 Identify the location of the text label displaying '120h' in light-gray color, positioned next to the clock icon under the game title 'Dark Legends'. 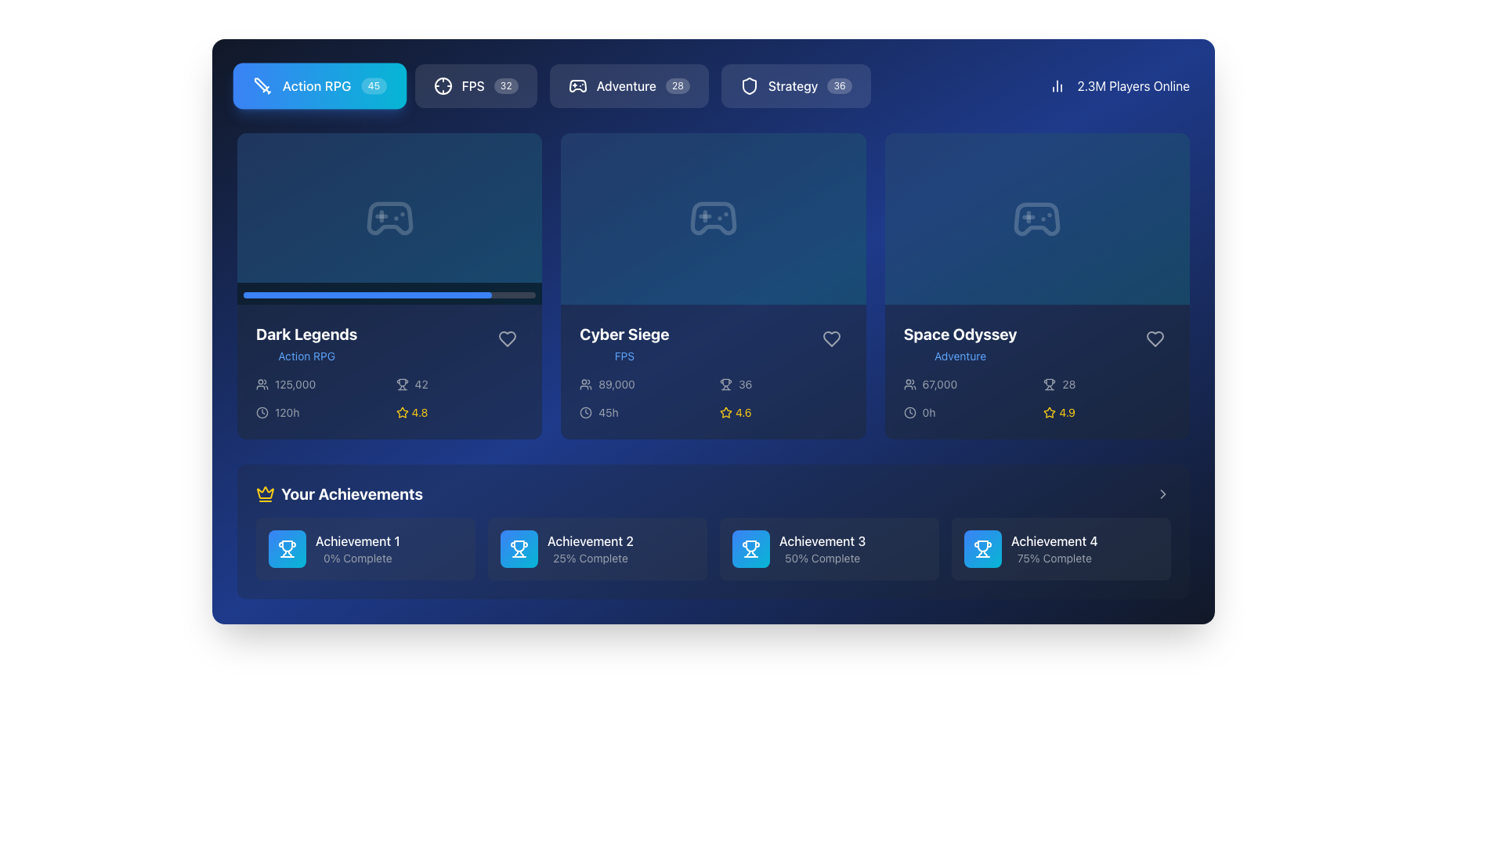
(287, 411).